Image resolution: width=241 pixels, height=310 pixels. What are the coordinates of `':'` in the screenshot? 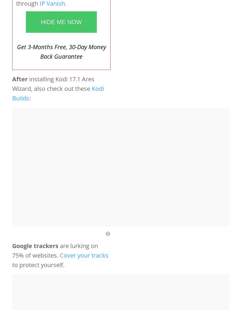 It's located at (30, 98).